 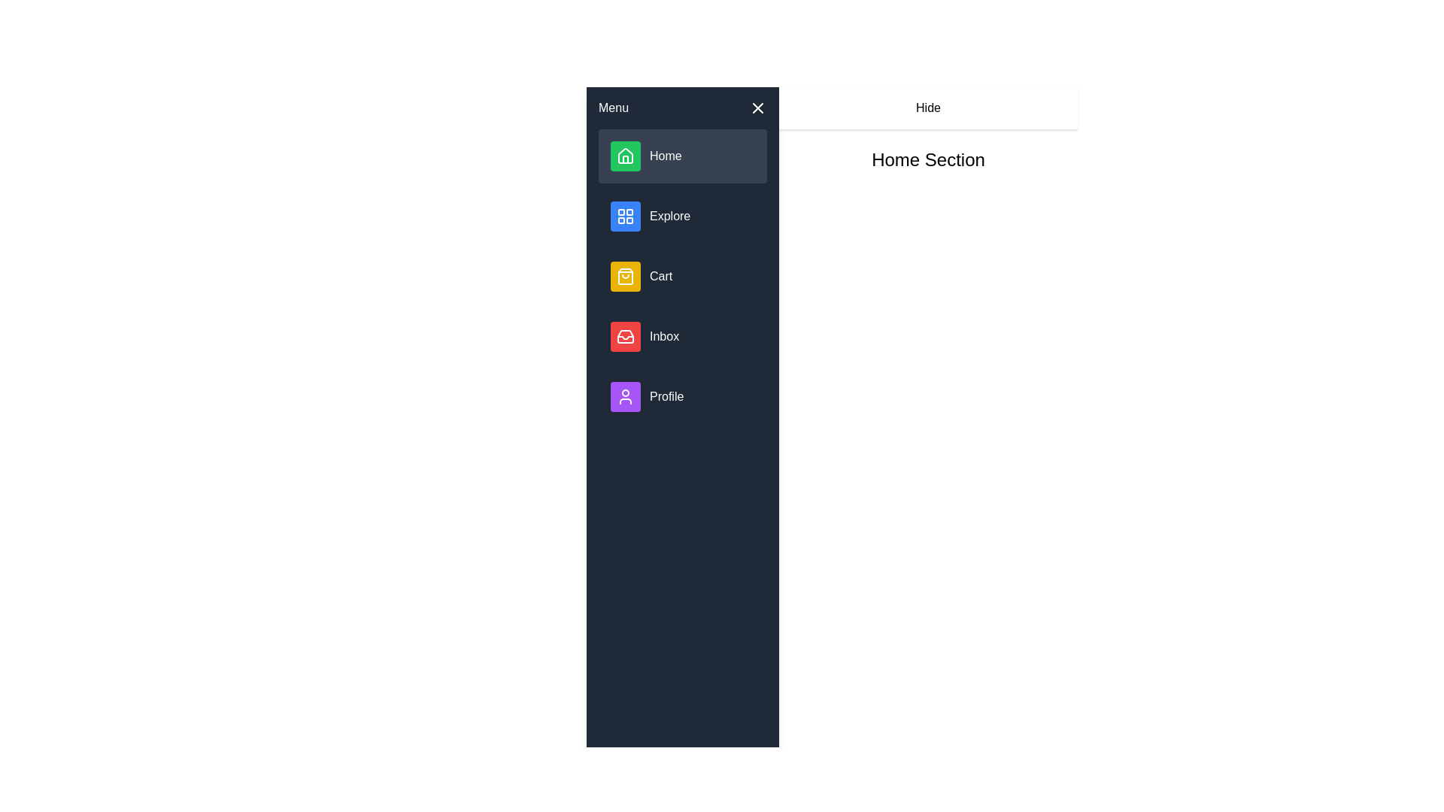 I want to click on the house-shaped icon within the green circular background, so click(x=625, y=156).